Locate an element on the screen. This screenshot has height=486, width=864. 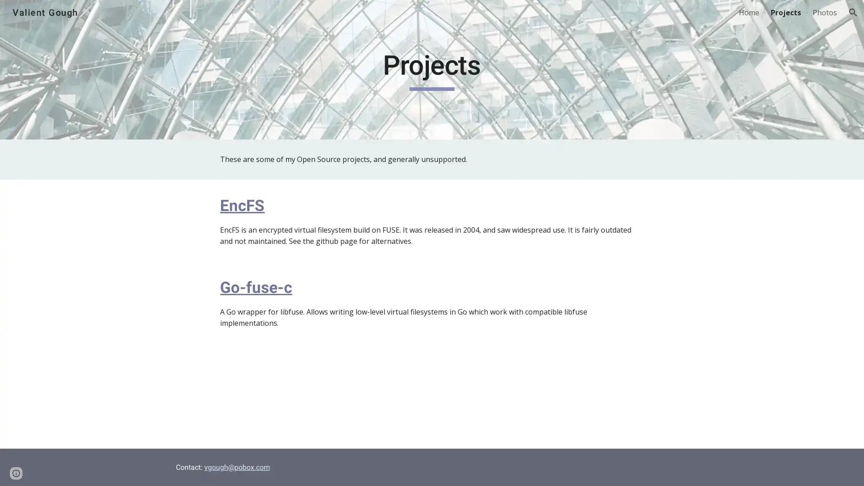
Copy heading link is located at coordinates (302, 287).